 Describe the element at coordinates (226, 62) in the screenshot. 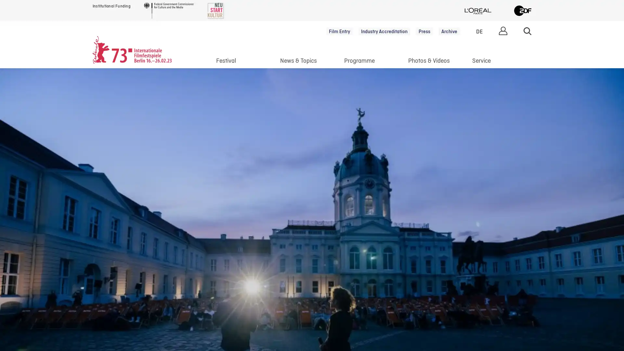

I see `Festival` at that location.